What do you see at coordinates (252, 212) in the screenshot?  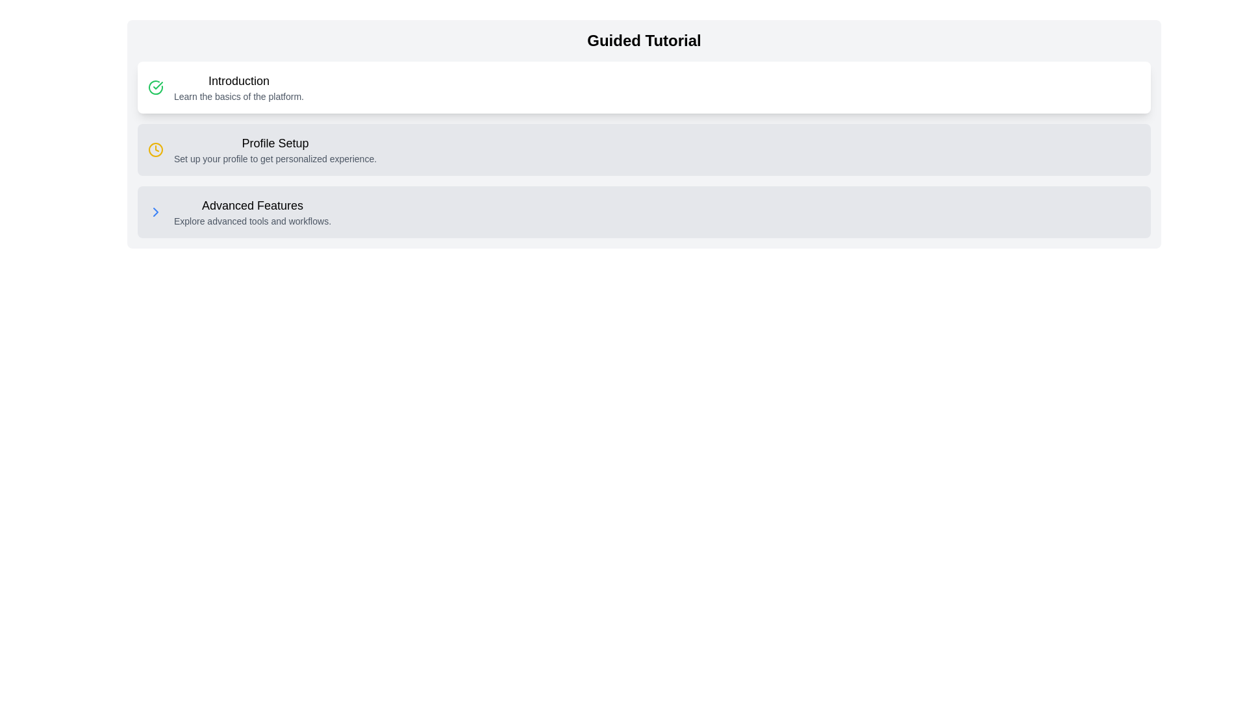 I see `description text block titled 'Advanced Features' which includes the subtitle 'Explore advanced tools and workflows.'` at bounding box center [252, 212].